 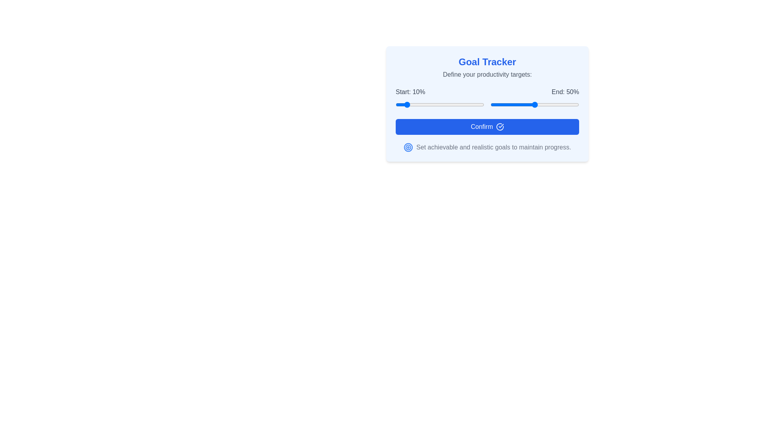 I want to click on the slider value, so click(x=464, y=104).